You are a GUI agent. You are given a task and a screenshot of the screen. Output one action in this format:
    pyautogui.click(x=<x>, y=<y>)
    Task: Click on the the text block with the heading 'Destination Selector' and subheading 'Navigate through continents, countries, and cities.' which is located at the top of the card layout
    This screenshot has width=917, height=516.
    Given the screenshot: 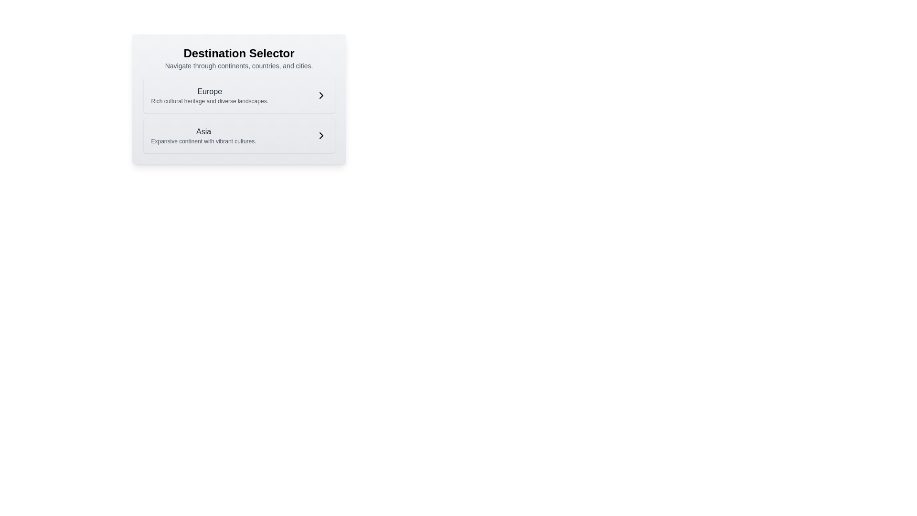 What is the action you would take?
    pyautogui.click(x=239, y=58)
    